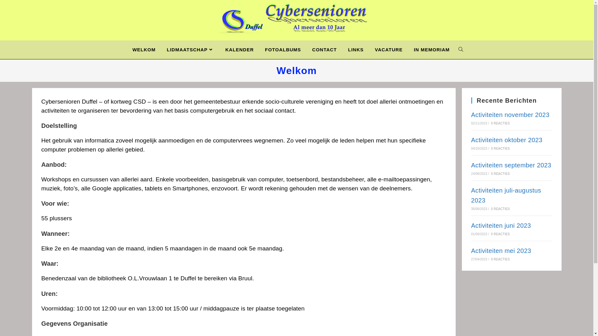 This screenshot has height=336, width=598. Describe the element at coordinates (190, 49) in the screenshot. I see `'LIDMAATSCHAP'` at that location.